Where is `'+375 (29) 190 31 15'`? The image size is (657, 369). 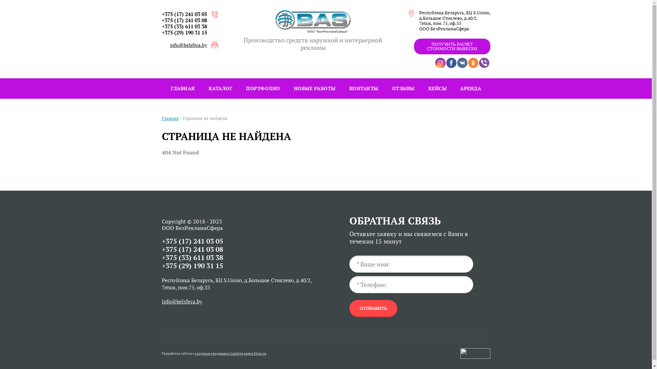 '+375 (29) 190 31 15' is located at coordinates (184, 32).